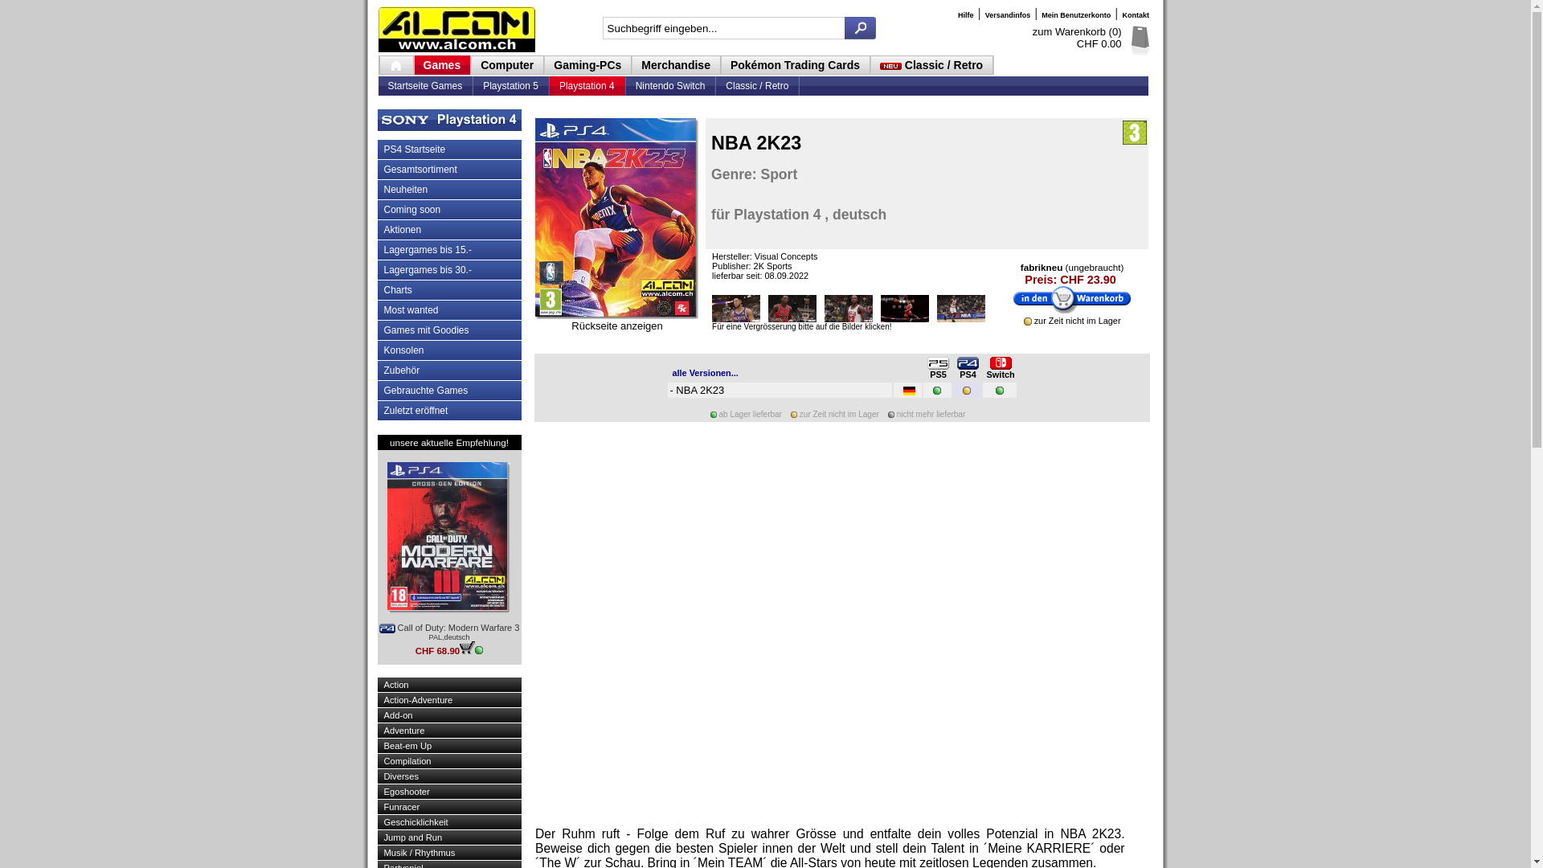 This screenshot has height=868, width=1543. I want to click on 'Adventure', so click(449, 731).